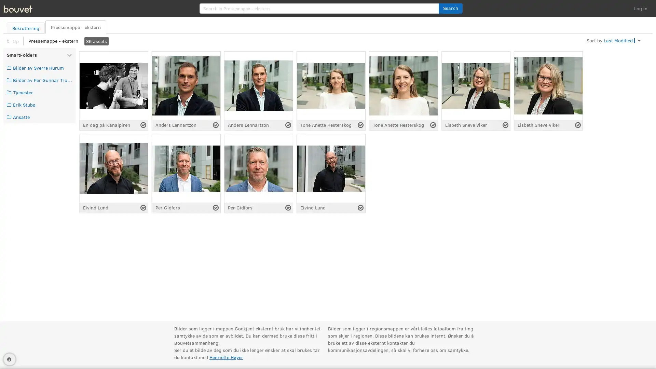 The image size is (656, 369). I want to click on Search, so click(450, 8).